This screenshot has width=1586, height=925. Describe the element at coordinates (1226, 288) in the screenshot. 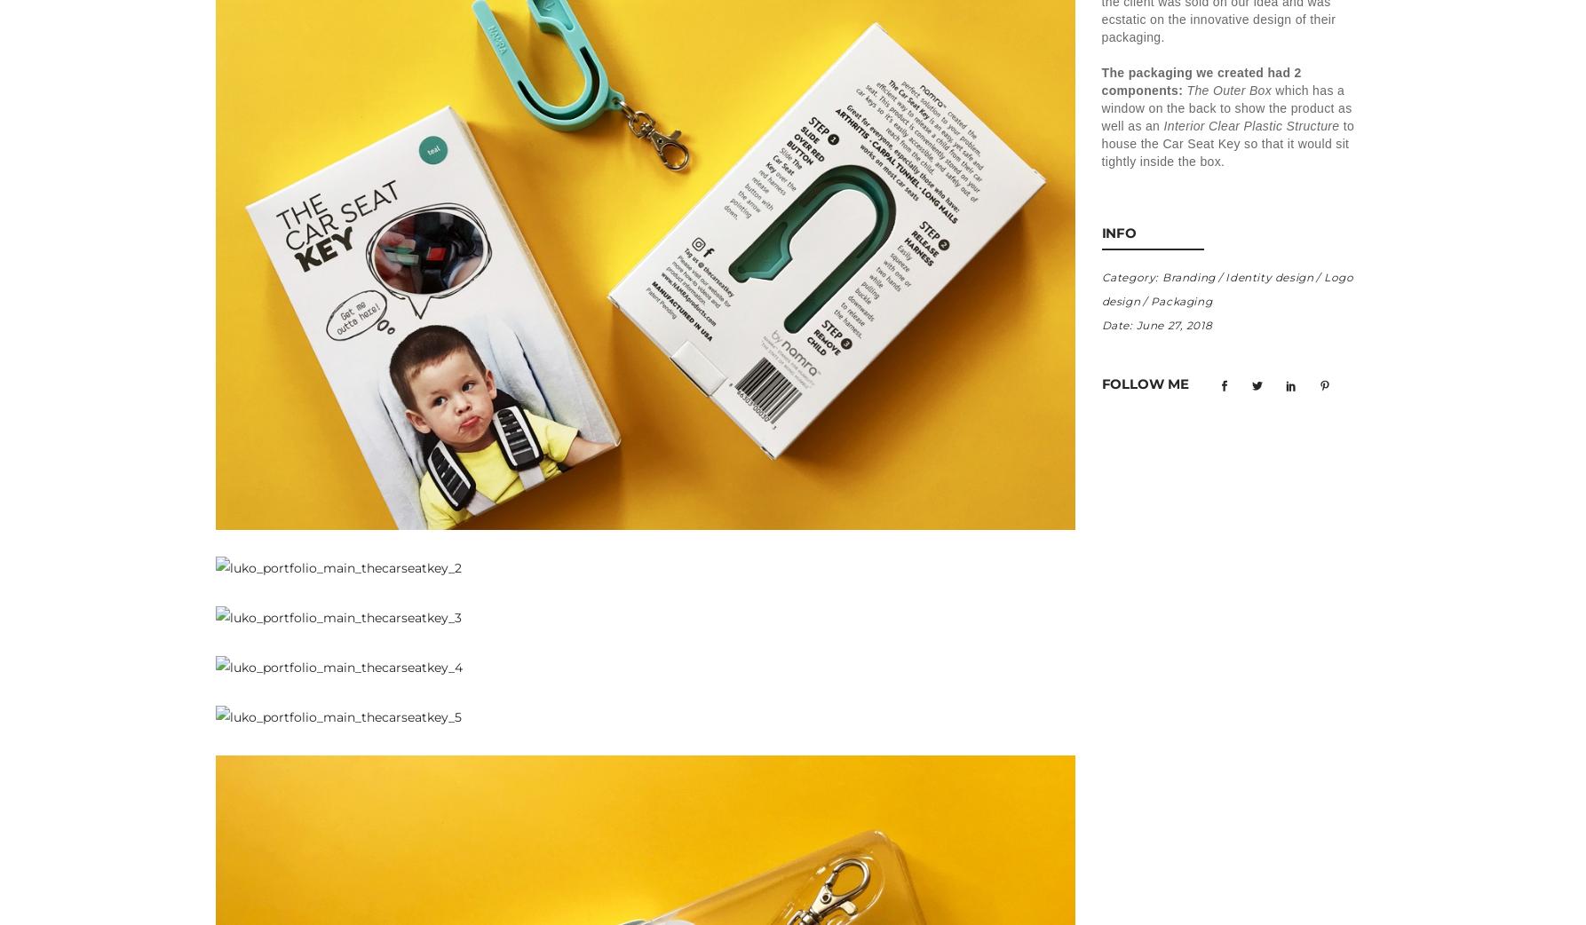

I see `'Logo design'` at that location.